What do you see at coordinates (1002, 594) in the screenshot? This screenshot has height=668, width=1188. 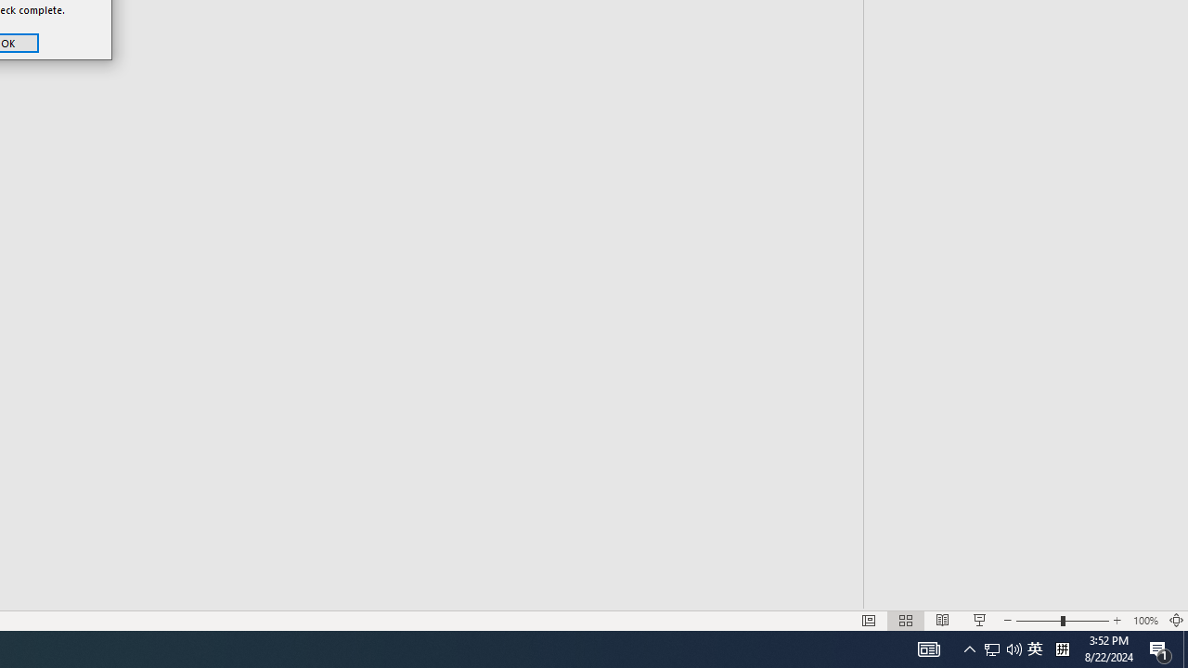 I see `'Zoom Out'` at bounding box center [1002, 594].